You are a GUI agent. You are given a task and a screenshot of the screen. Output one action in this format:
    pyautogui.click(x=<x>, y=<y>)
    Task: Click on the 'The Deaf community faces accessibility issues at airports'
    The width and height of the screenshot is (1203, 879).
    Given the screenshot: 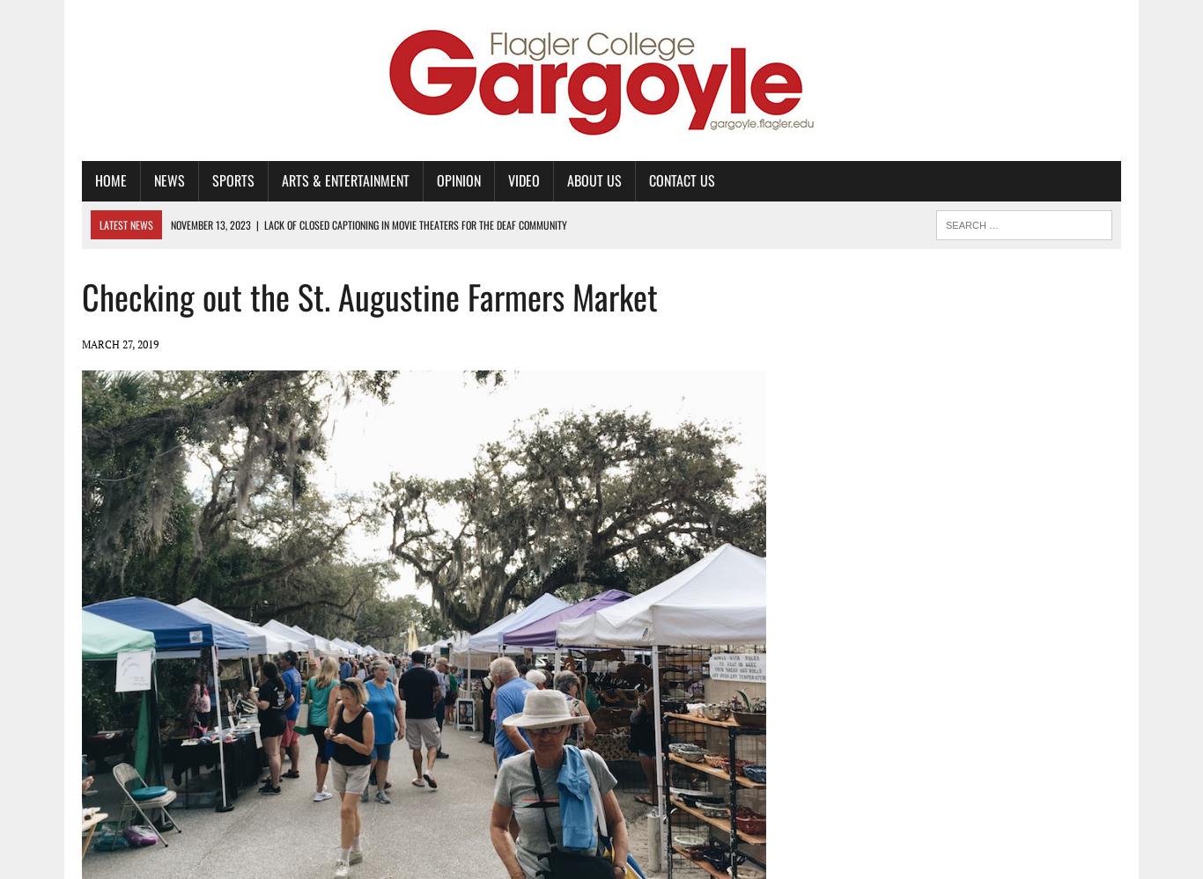 What is the action you would take?
    pyautogui.click(x=322, y=340)
    